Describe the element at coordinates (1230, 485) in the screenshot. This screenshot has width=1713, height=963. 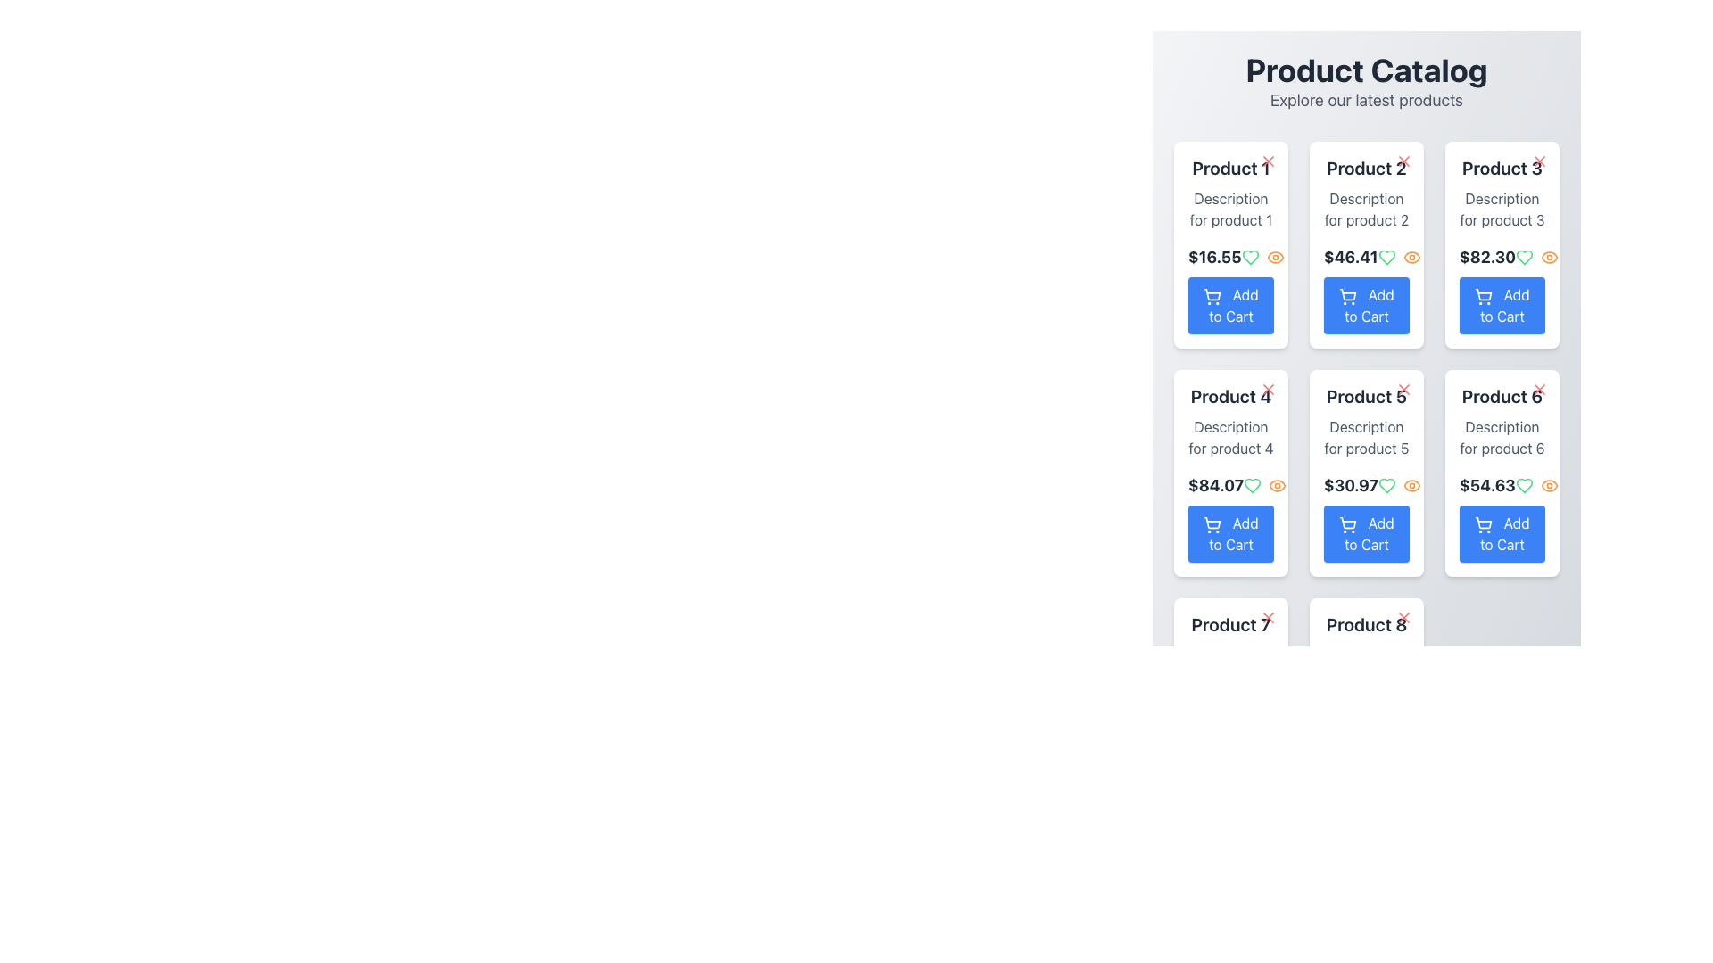
I see `the price display for 'Product 4', which shows the value '$84.07' in bold black text, located in the second row, first column of the product card` at that location.